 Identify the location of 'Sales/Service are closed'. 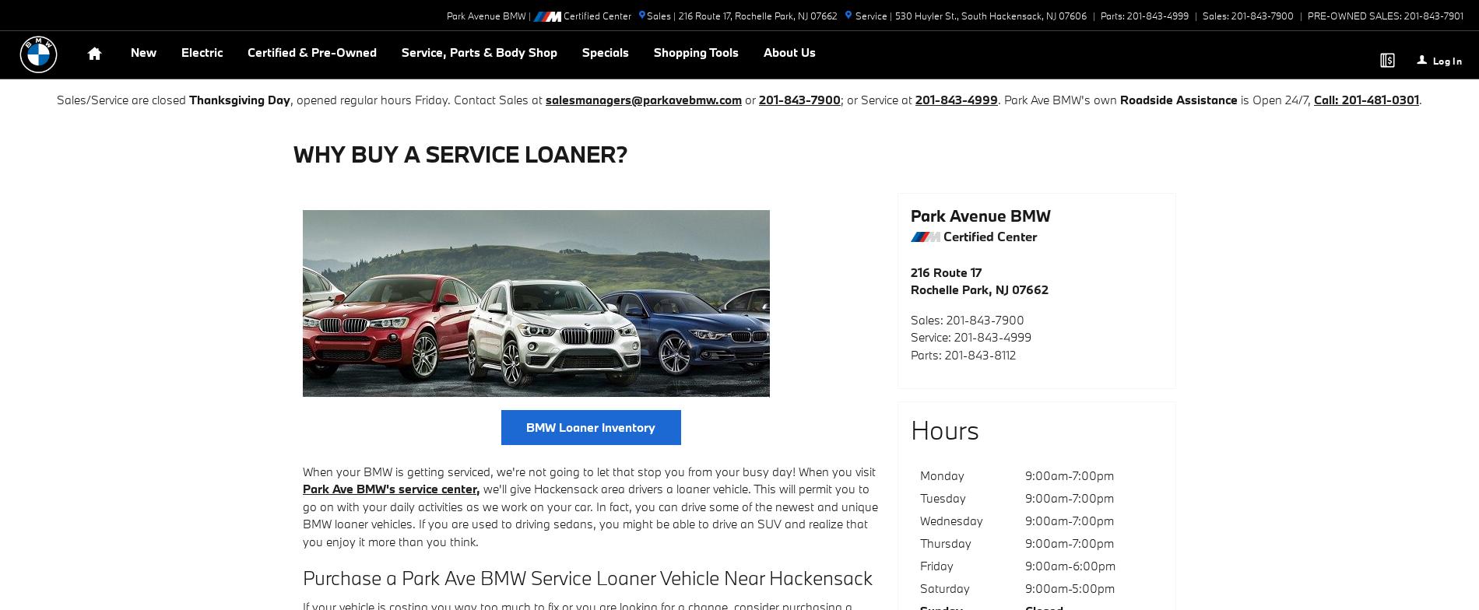
(123, 99).